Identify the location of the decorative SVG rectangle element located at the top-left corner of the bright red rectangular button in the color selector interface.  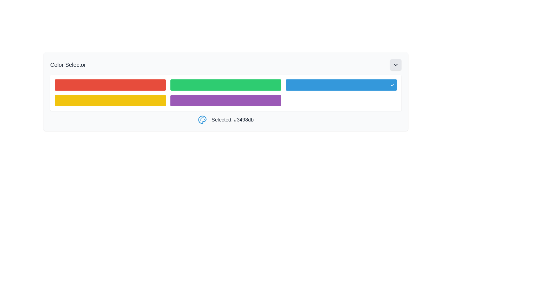
(60, 85).